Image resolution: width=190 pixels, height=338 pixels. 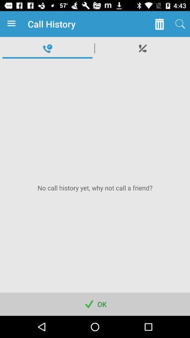 What do you see at coordinates (159, 24) in the screenshot?
I see `icon next to the call history` at bounding box center [159, 24].